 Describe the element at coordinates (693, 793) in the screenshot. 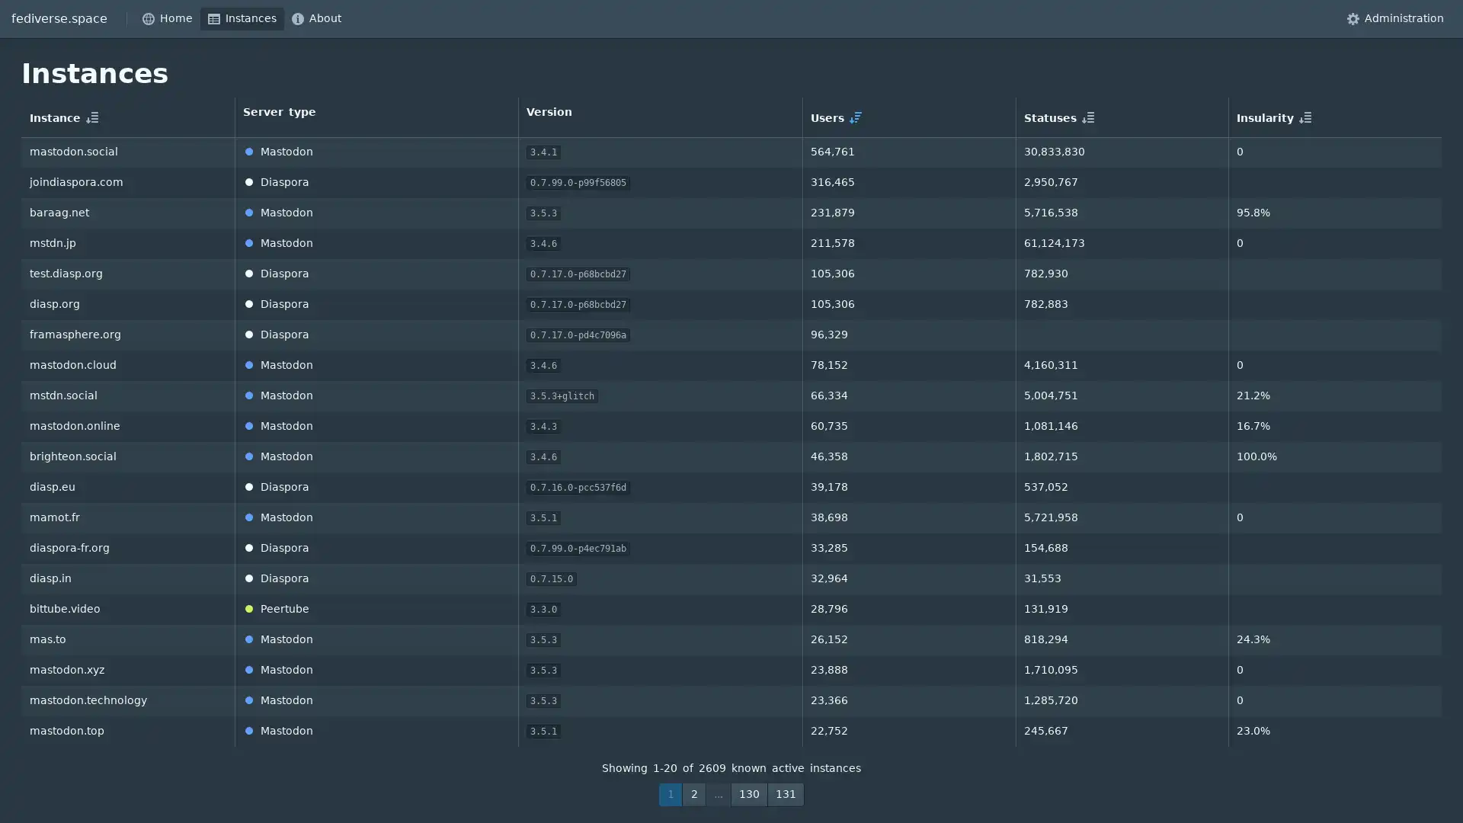

I see `2` at that location.